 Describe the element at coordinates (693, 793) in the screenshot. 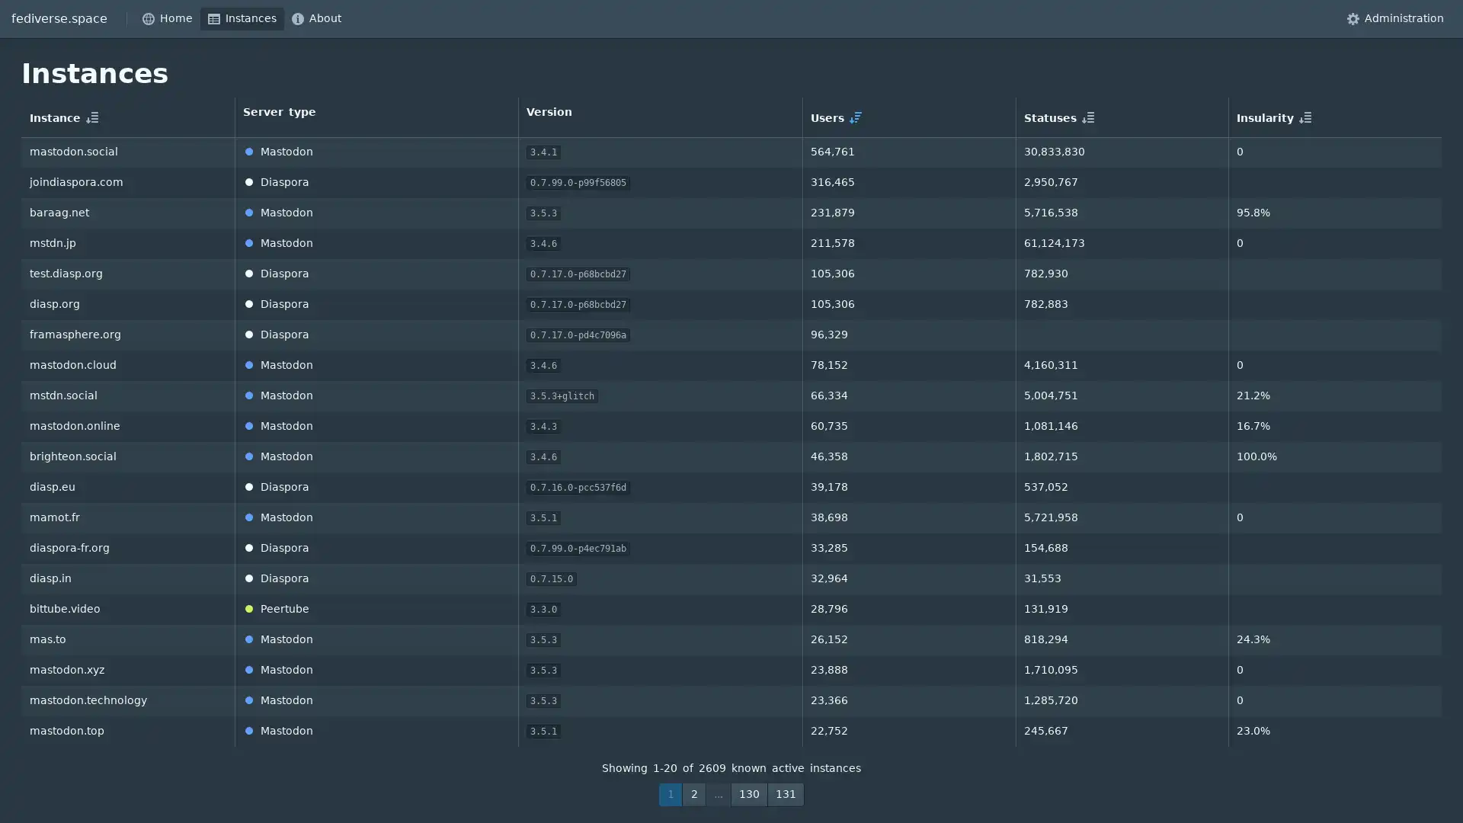

I see `2` at that location.